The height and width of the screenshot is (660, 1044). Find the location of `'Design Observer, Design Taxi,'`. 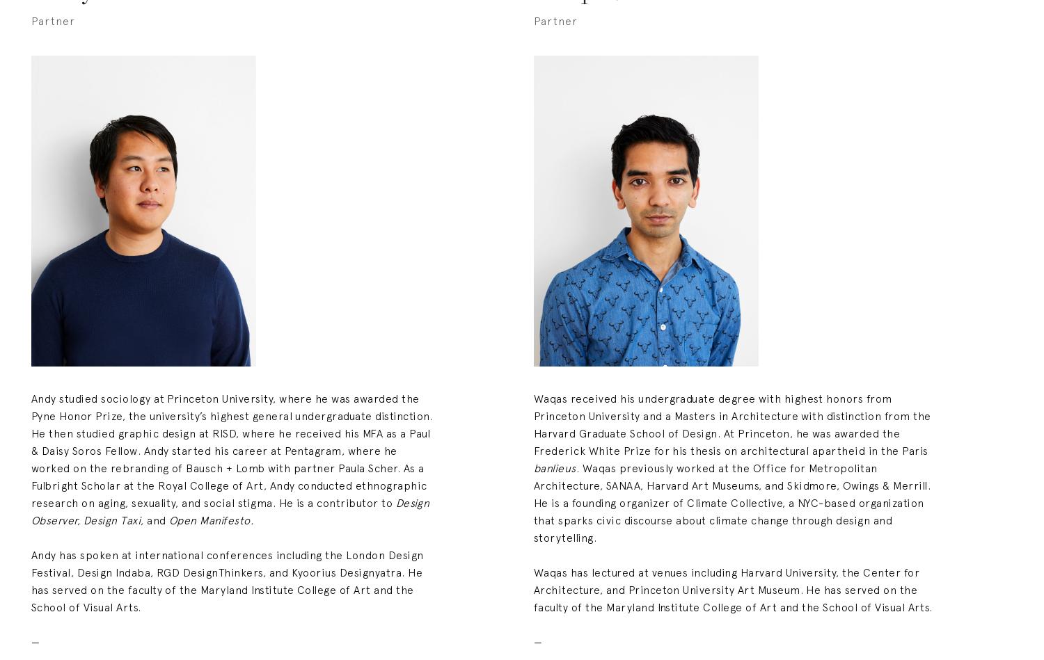

'Design Observer, Design Taxi,' is located at coordinates (231, 510).